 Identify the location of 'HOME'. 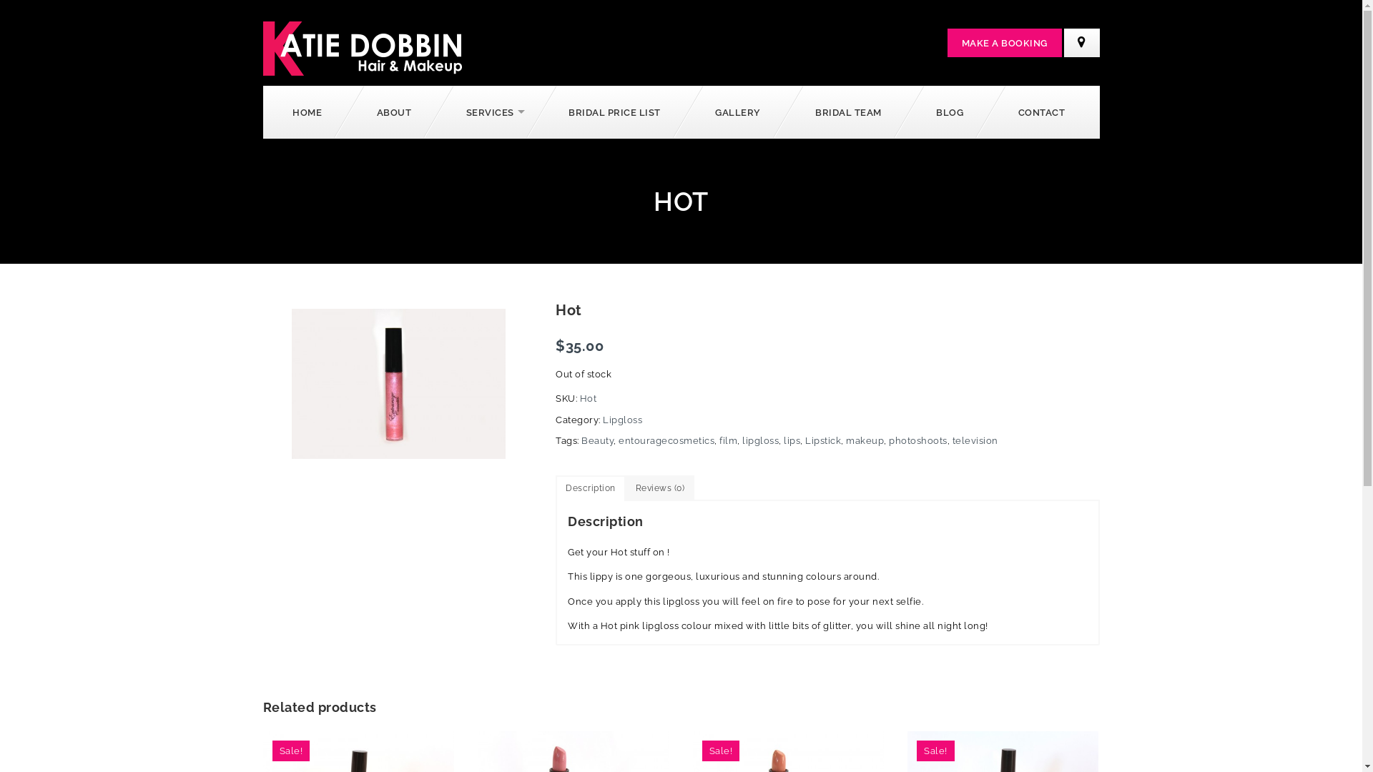
(308, 110).